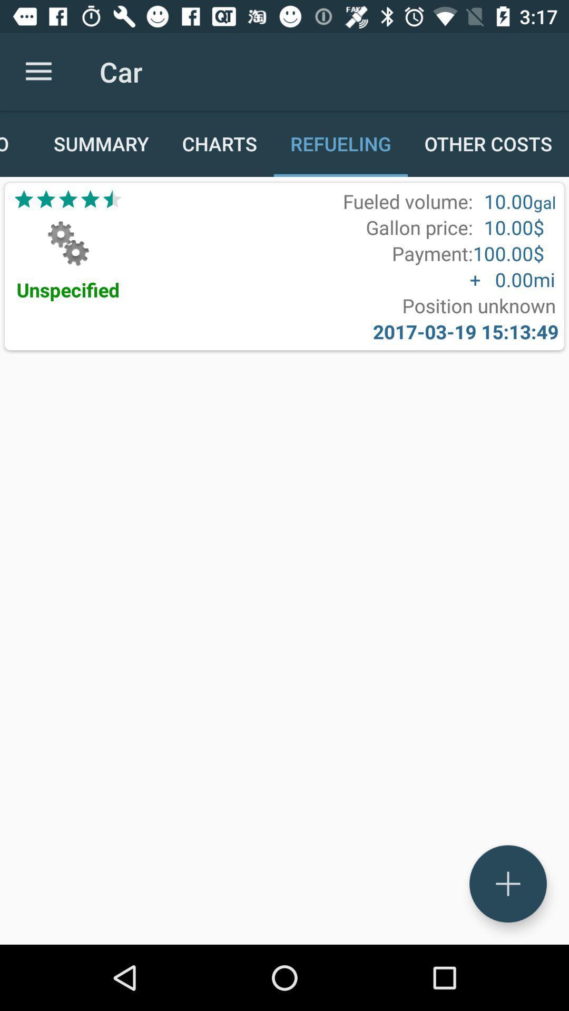  Describe the element at coordinates (38, 71) in the screenshot. I see `the app next to the car icon` at that location.